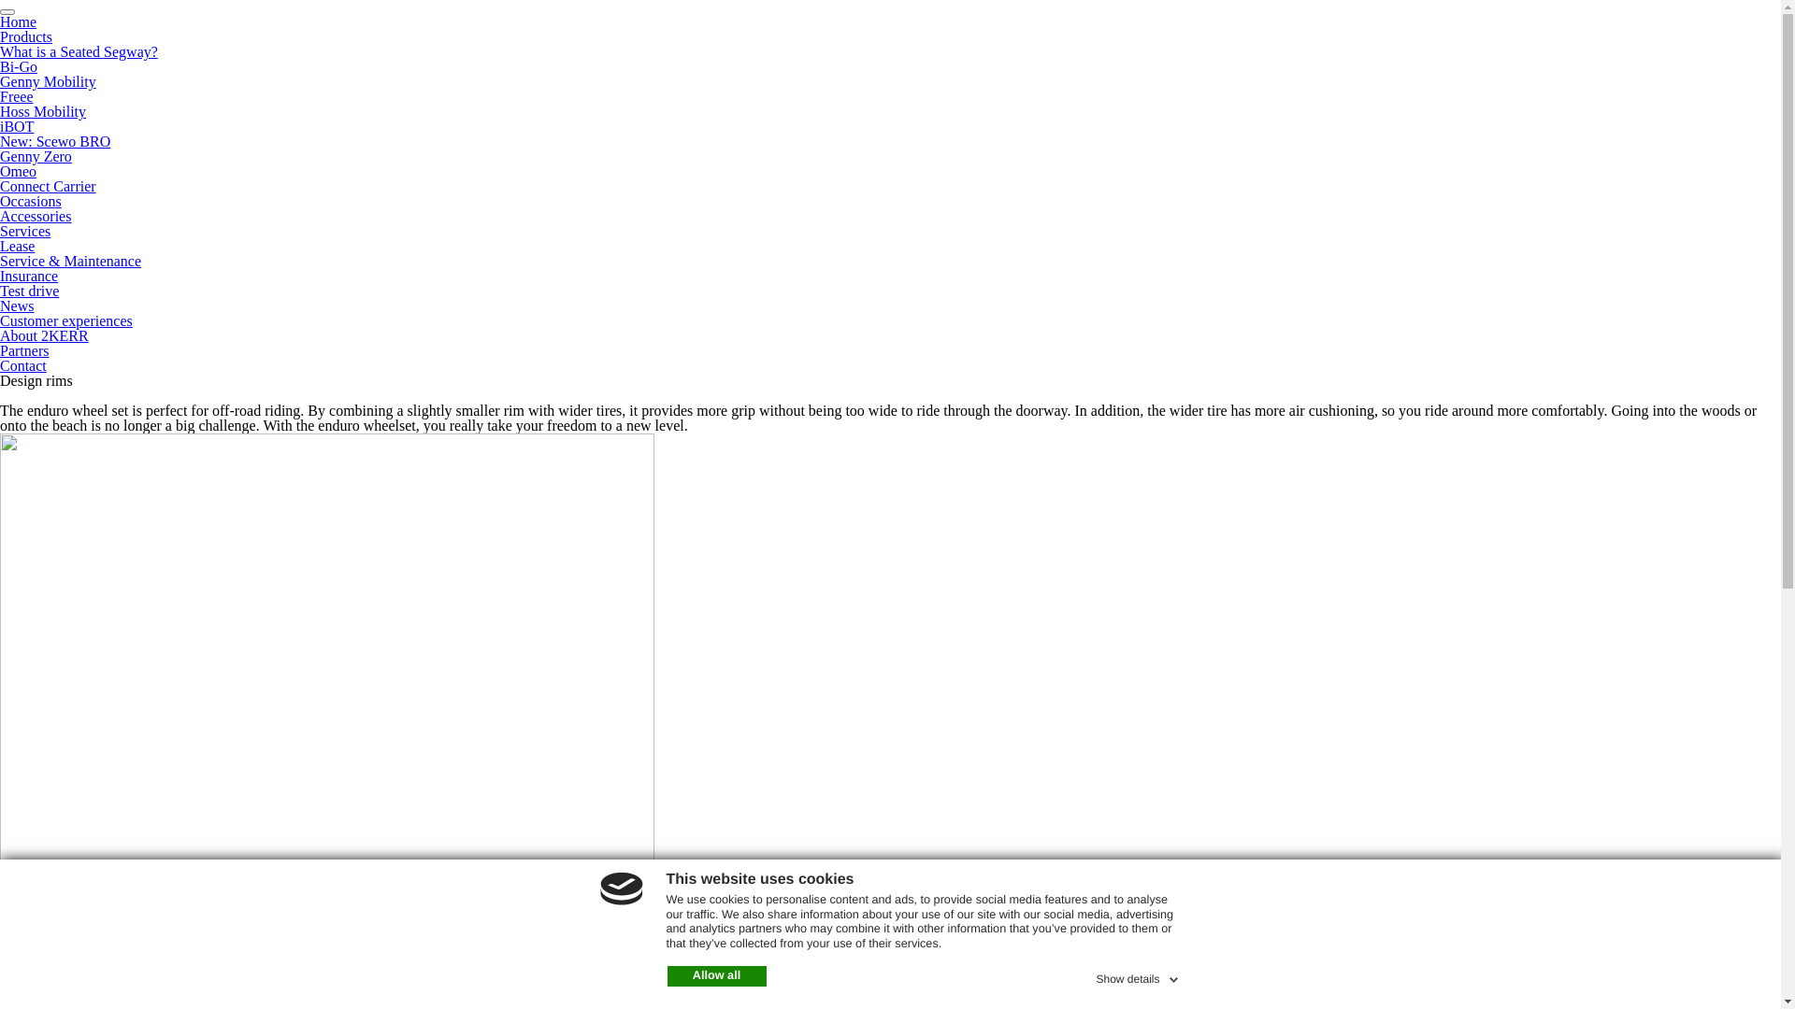 The image size is (1795, 1009). What do you see at coordinates (716, 975) in the screenshot?
I see `'Allow all'` at bounding box center [716, 975].